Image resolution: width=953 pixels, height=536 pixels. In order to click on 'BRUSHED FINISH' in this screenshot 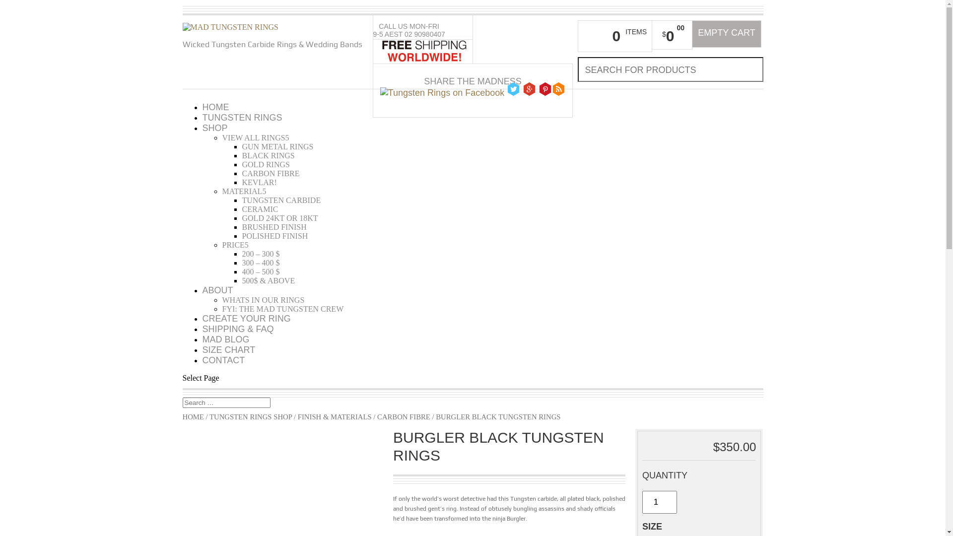, I will do `click(274, 227)`.